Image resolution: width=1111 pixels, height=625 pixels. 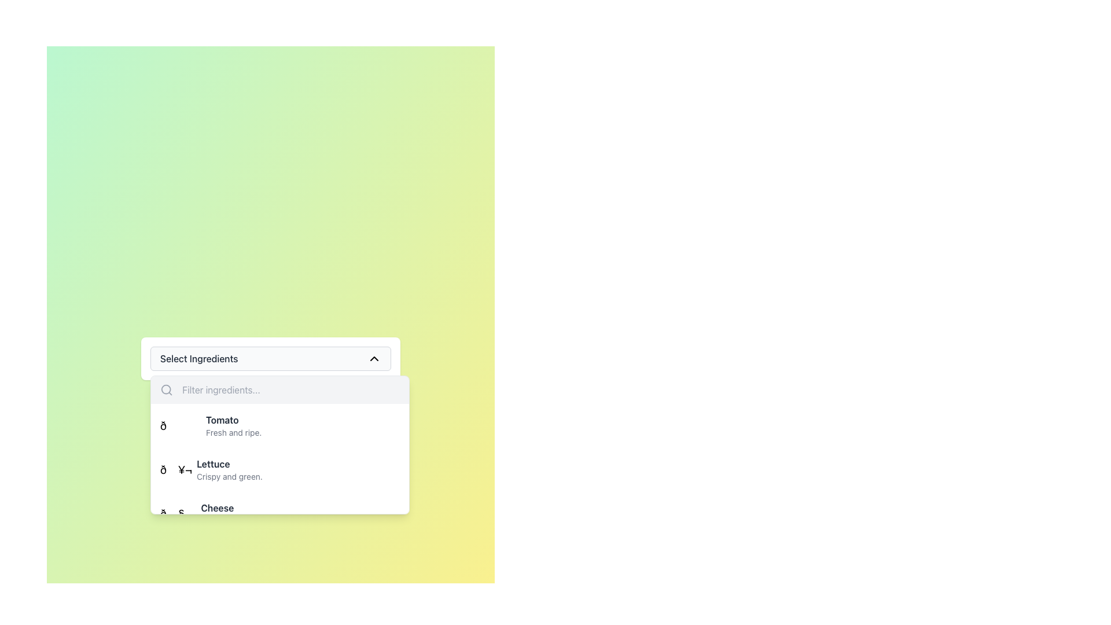 What do you see at coordinates (175, 470) in the screenshot?
I see `the emoji character displayed at the beginning of the 'Lettuce' list item in the dropdown menu, which is visually distinct due to its bold and large font style` at bounding box center [175, 470].